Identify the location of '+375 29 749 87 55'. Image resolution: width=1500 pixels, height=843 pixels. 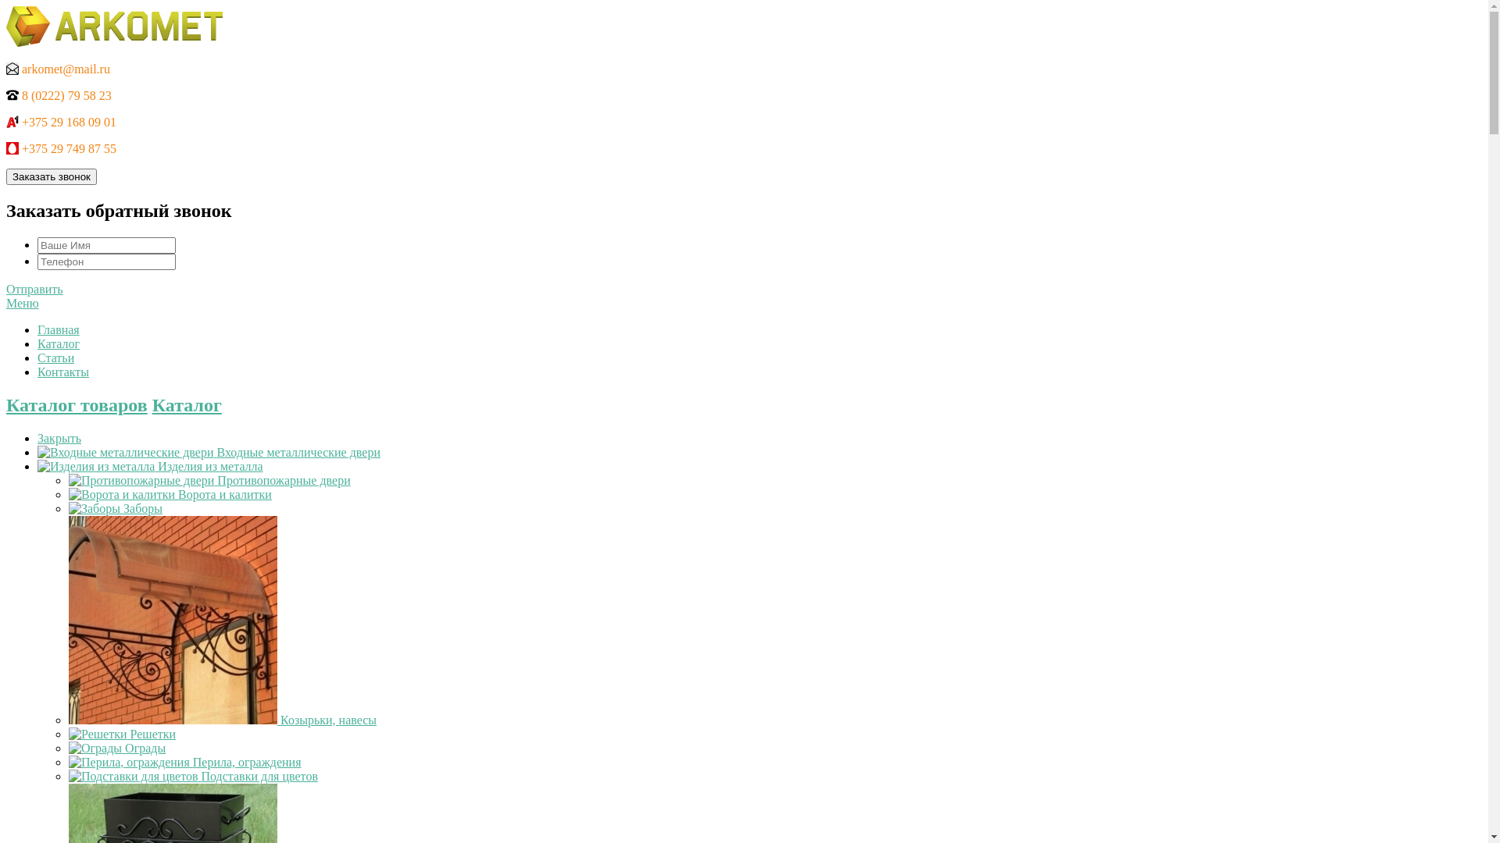
(61, 148).